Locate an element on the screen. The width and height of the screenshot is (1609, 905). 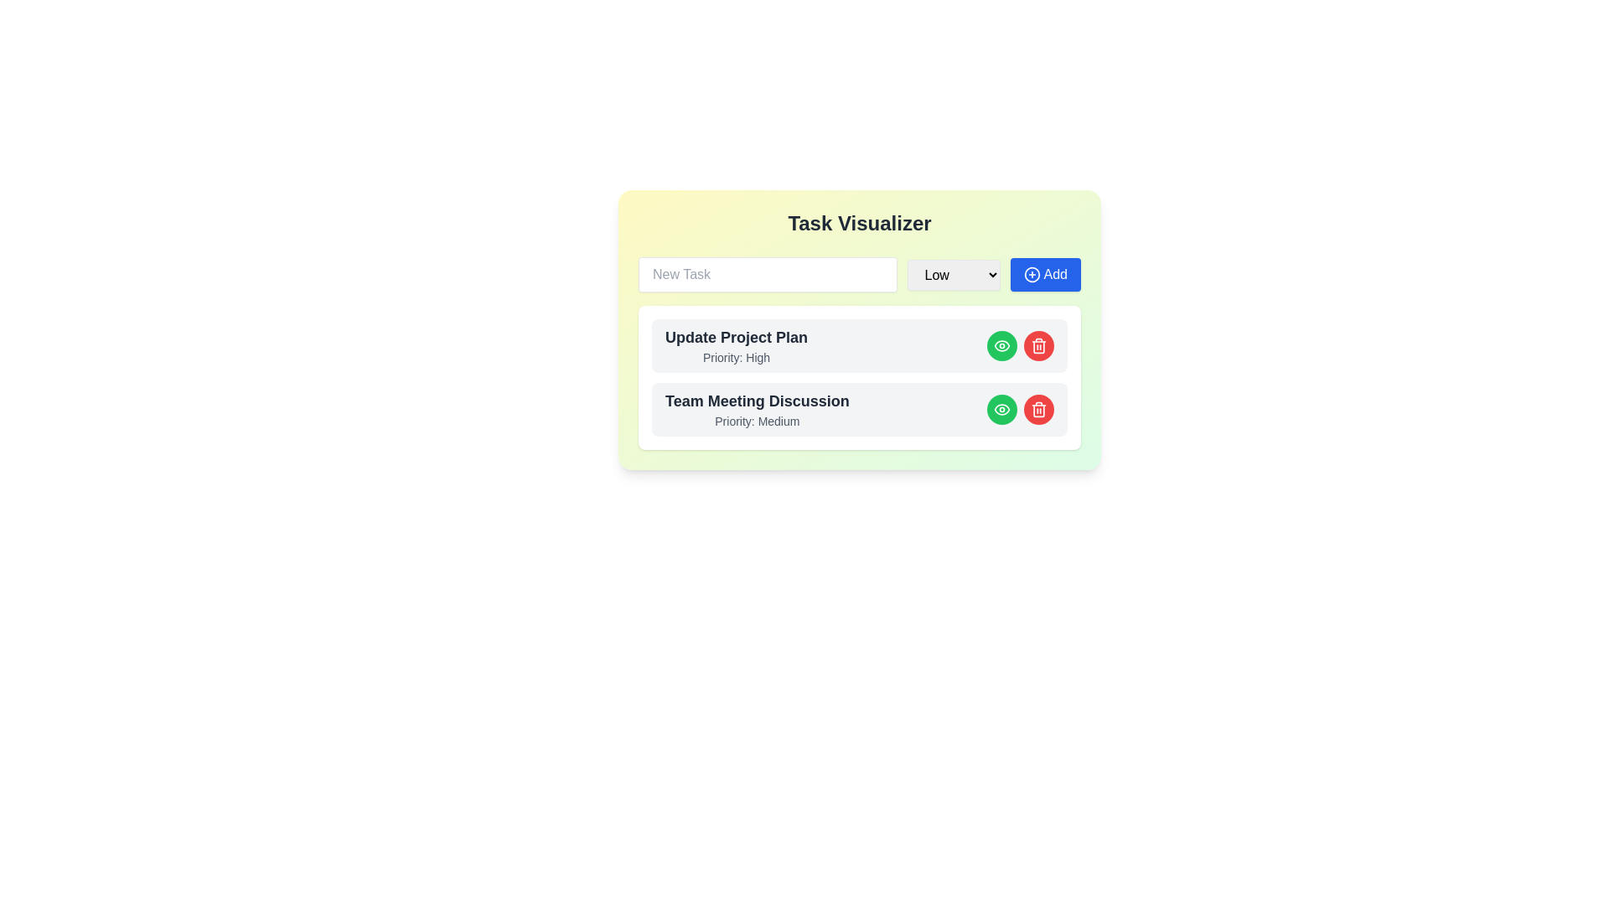
the interactive button located on the right side of the second task item in the task list to trigger the tooltip or highlight effect is located at coordinates (1001, 344).